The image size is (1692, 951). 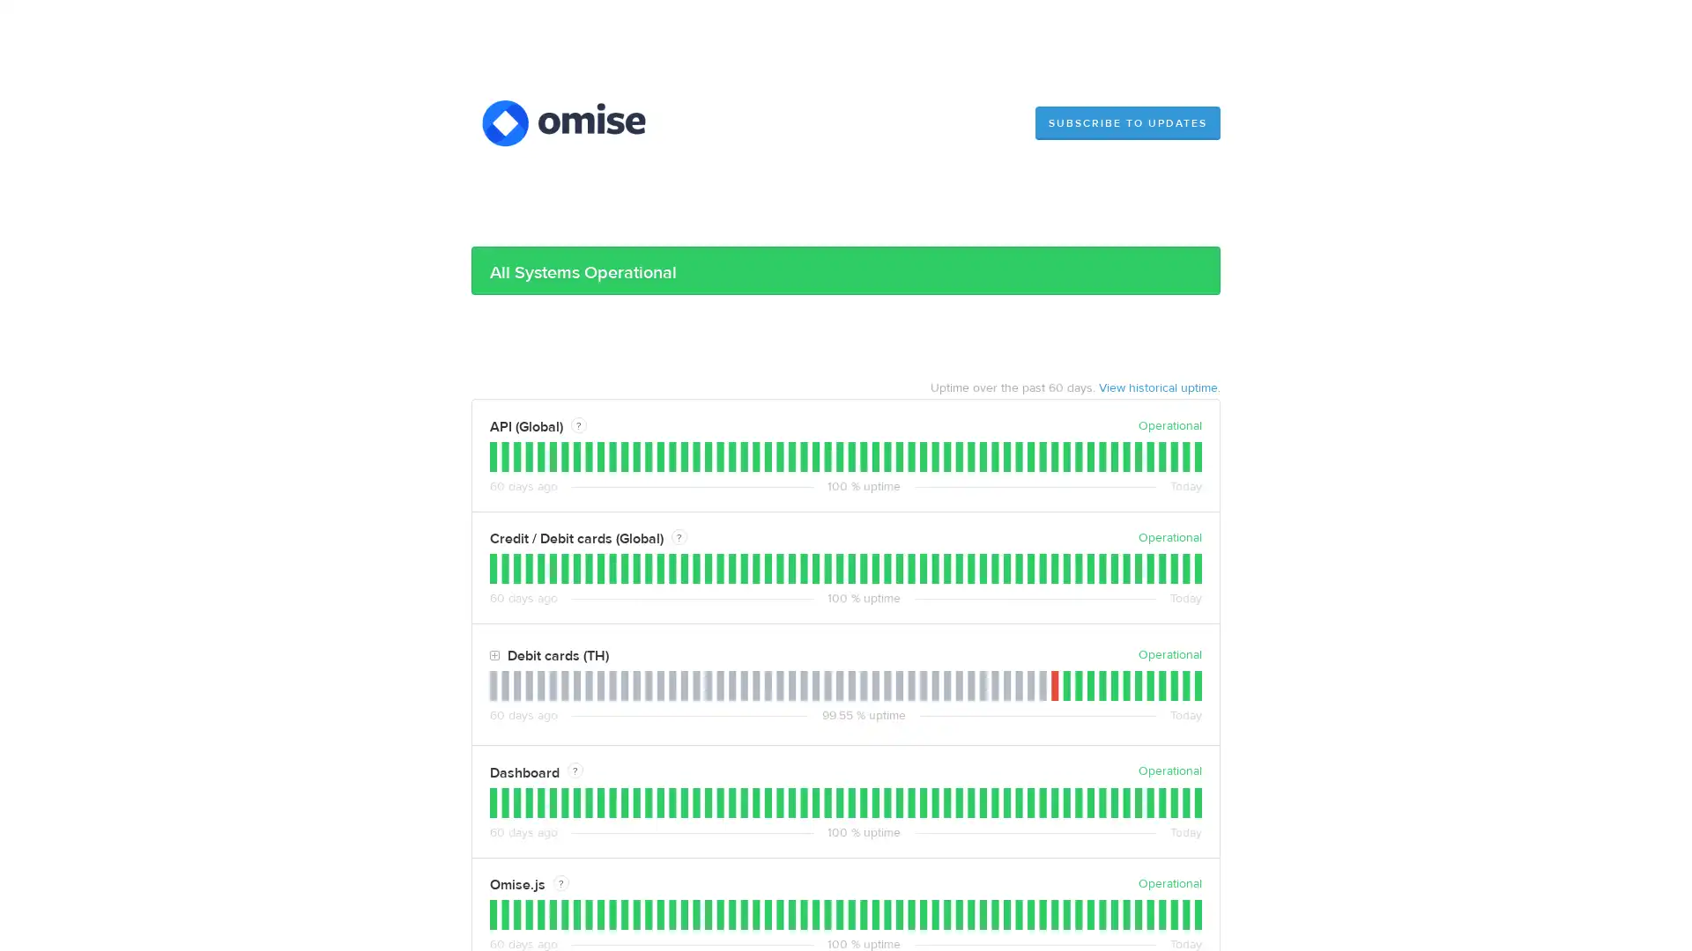 What do you see at coordinates (493, 656) in the screenshot?
I see `Toggle Debit cards (TH)` at bounding box center [493, 656].